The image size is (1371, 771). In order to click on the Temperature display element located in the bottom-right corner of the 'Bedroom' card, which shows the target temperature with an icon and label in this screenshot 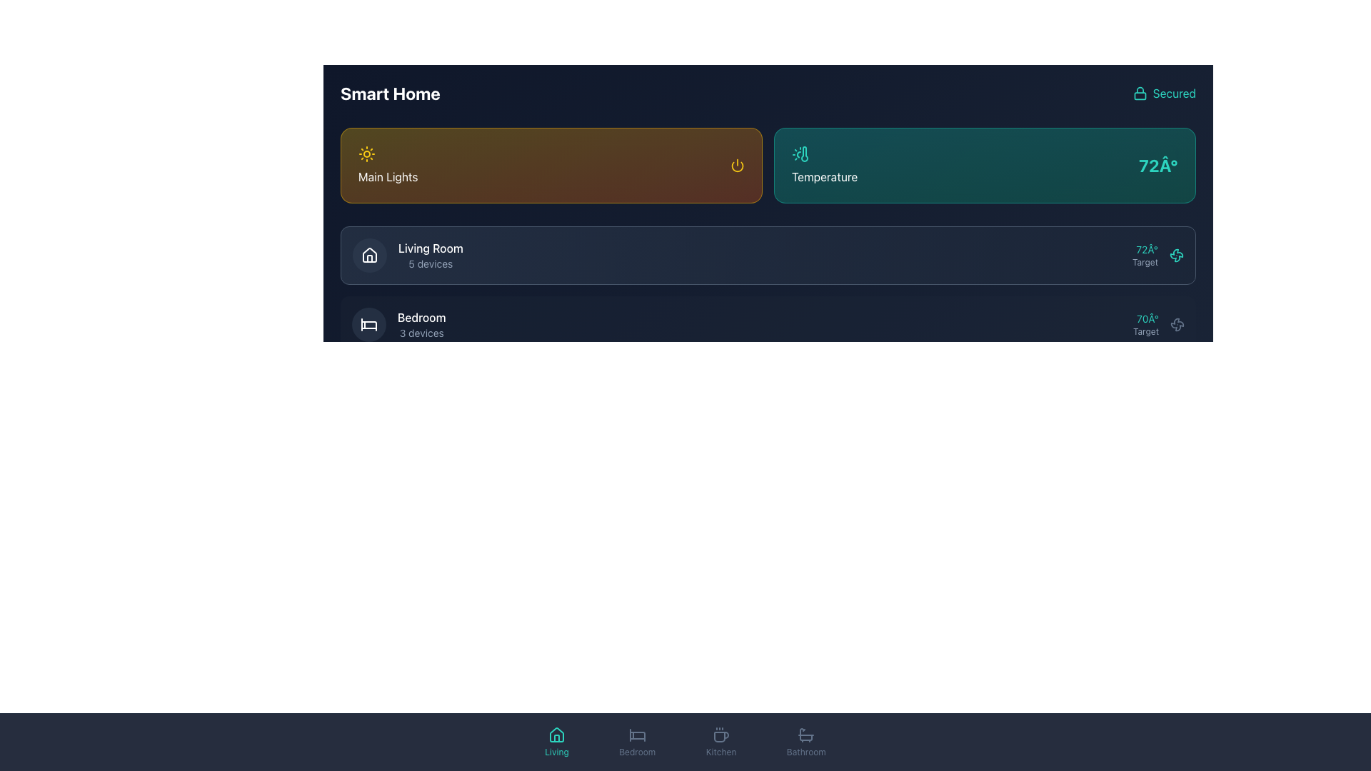, I will do `click(1158, 325)`.